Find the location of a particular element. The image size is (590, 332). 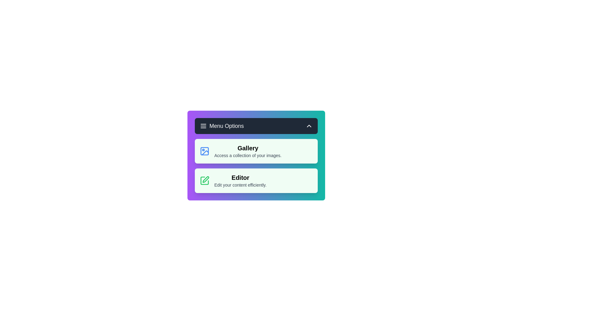

the 'Editor' option in the menu is located at coordinates (256, 180).